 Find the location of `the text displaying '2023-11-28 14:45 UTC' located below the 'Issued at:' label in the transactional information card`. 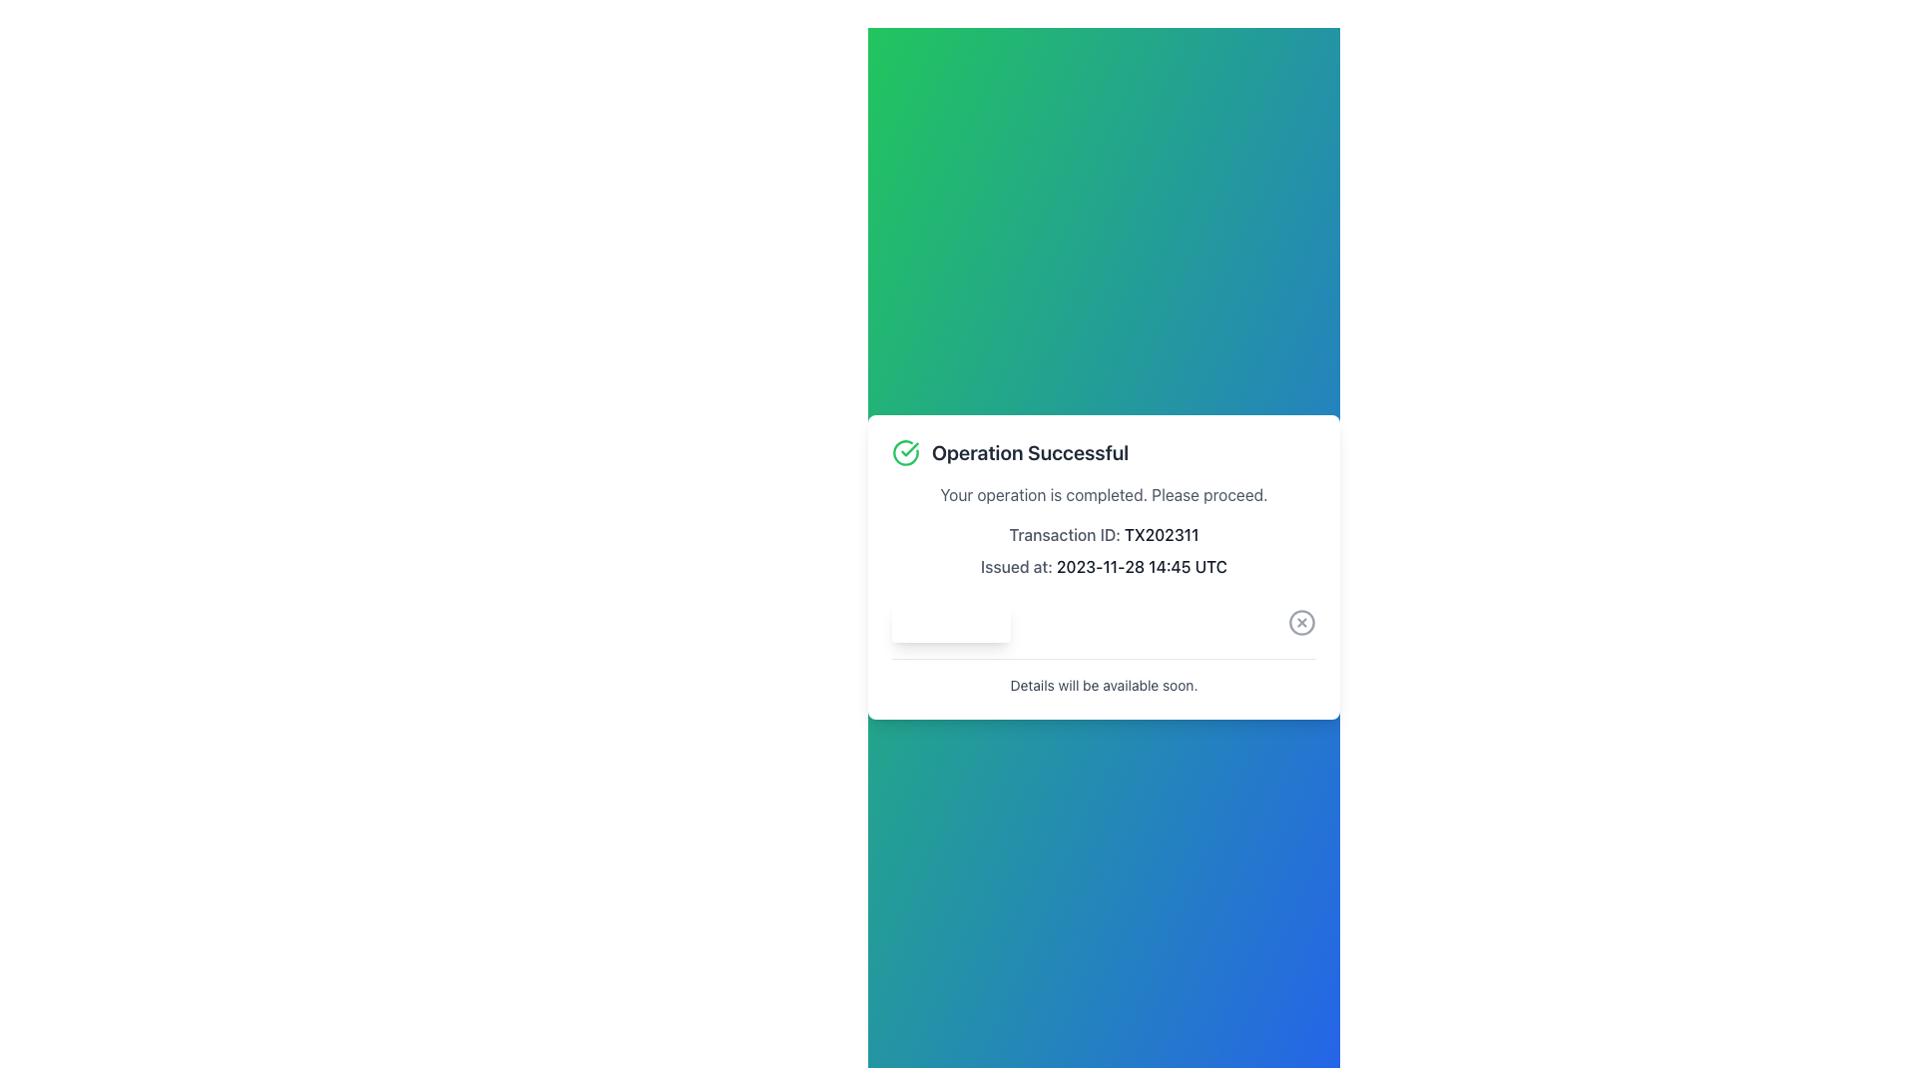

the text displaying '2023-11-28 14:45 UTC' located below the 'Issued at:' label in the transactional information card is located at coordinates (1142, 566).